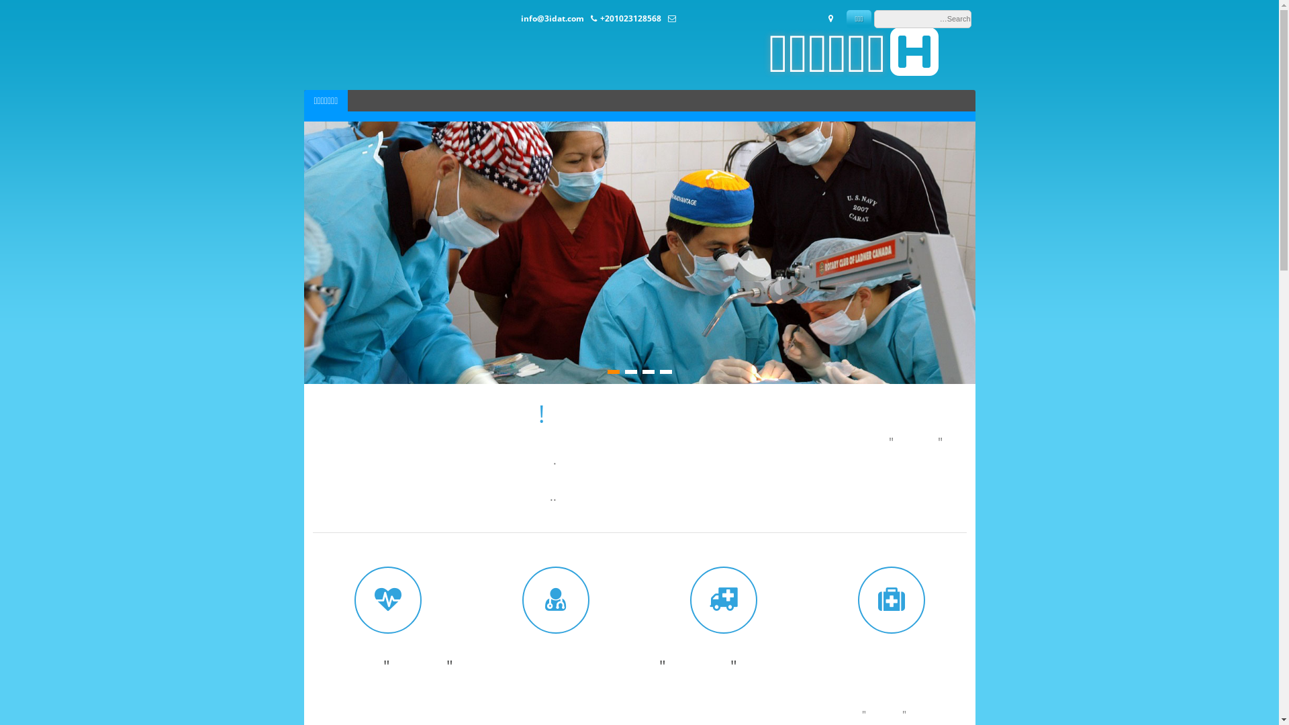 This screenshot has width=1289, height=725. I want to click on '2', so click(647, 372).